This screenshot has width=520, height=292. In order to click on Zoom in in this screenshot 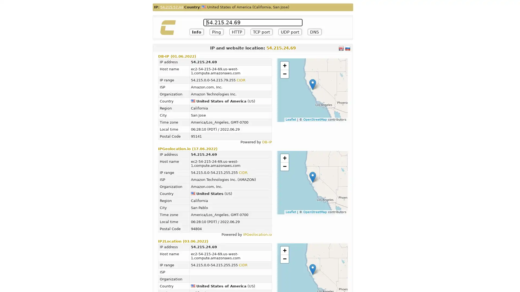, I will do `click(284, 65)`.